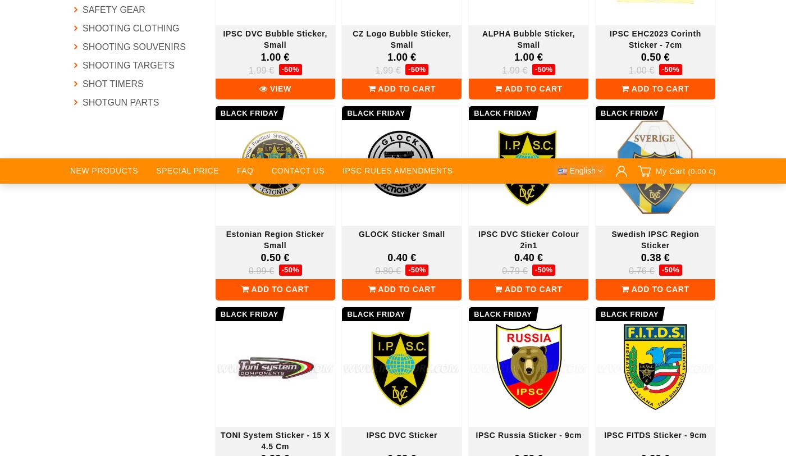  What do you see at coordinates (524, 85) in the screenshot?
I see `'For dealers & suppliers'` at bounding box center [524, 85].